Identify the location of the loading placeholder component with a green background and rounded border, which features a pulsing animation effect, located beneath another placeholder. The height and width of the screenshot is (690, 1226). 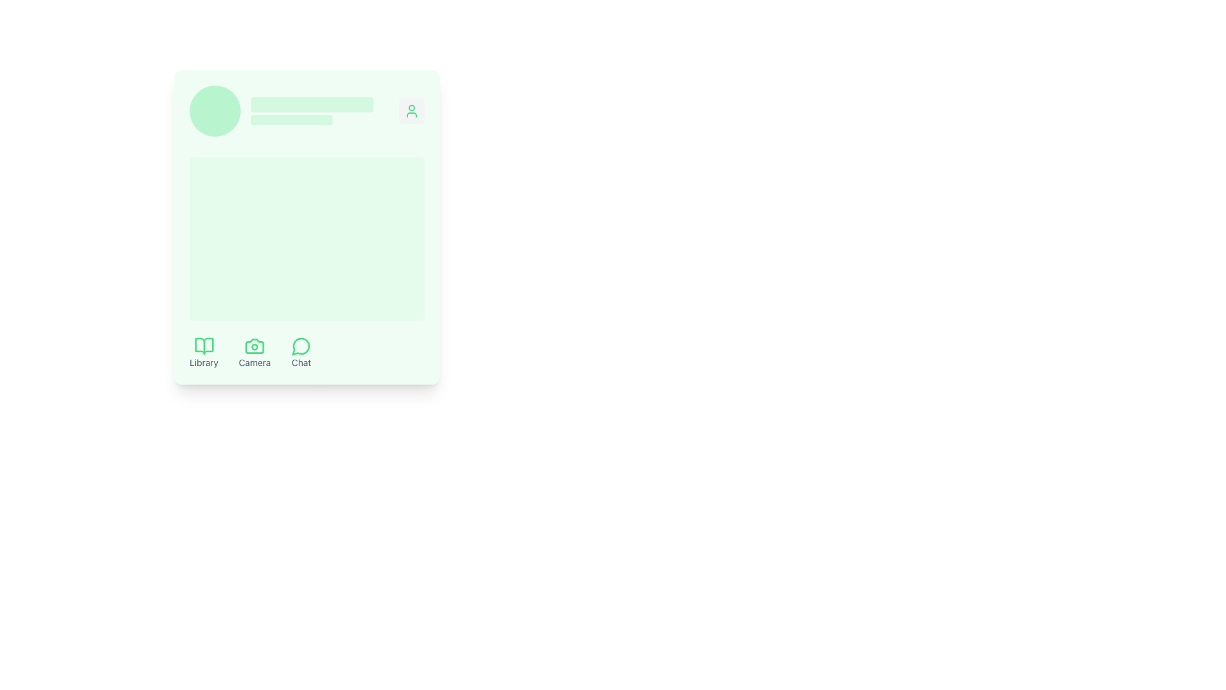
(291, 120).